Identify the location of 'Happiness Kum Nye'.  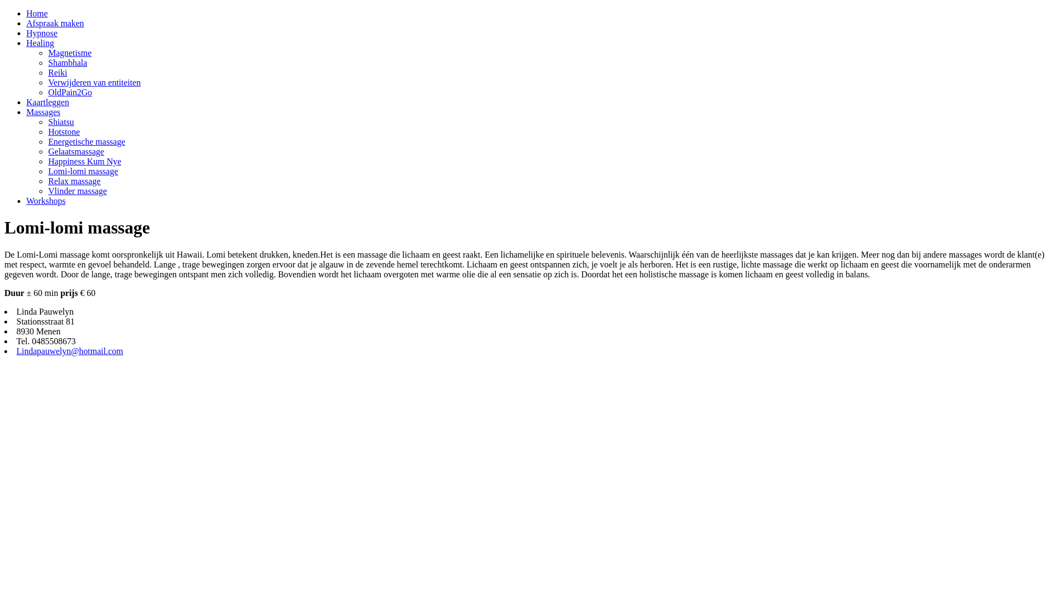
(84, 161).